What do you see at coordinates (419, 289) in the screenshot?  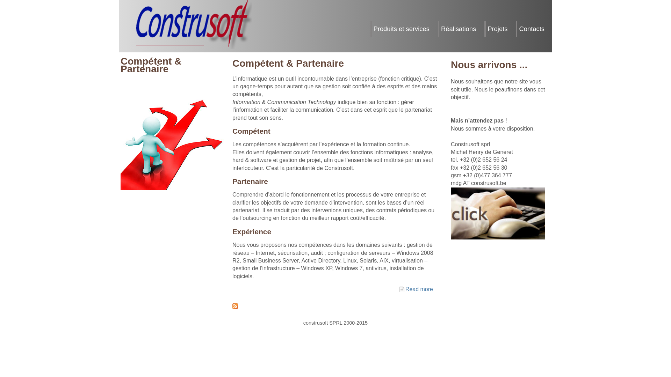 I see `'Read more'` at bounding box center [419, 289].